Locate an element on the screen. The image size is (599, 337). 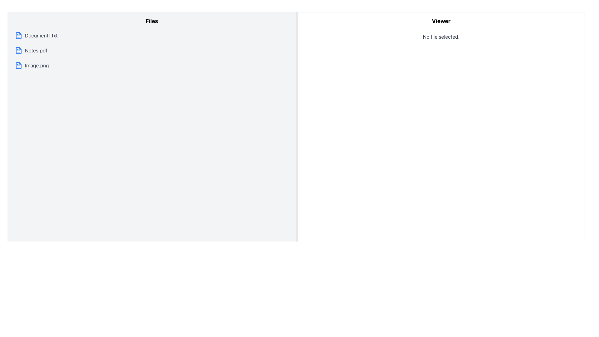
the PDF file icon representing 'Notes.pdf' located in the left-hand list of files is located at coordinates (18, 50).